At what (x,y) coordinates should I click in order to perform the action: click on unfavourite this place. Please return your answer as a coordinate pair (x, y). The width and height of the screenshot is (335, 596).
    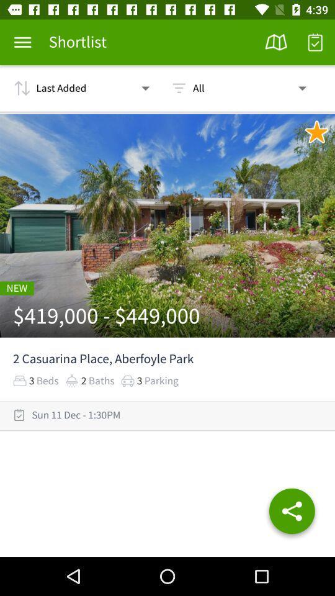
    Looking at the image, I should click on (316, 132).